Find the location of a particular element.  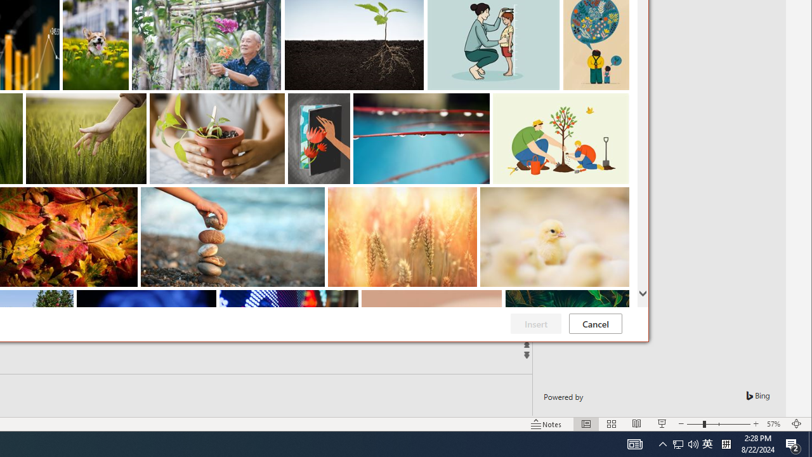

'Reading View' is located at coordinates (637, 424).